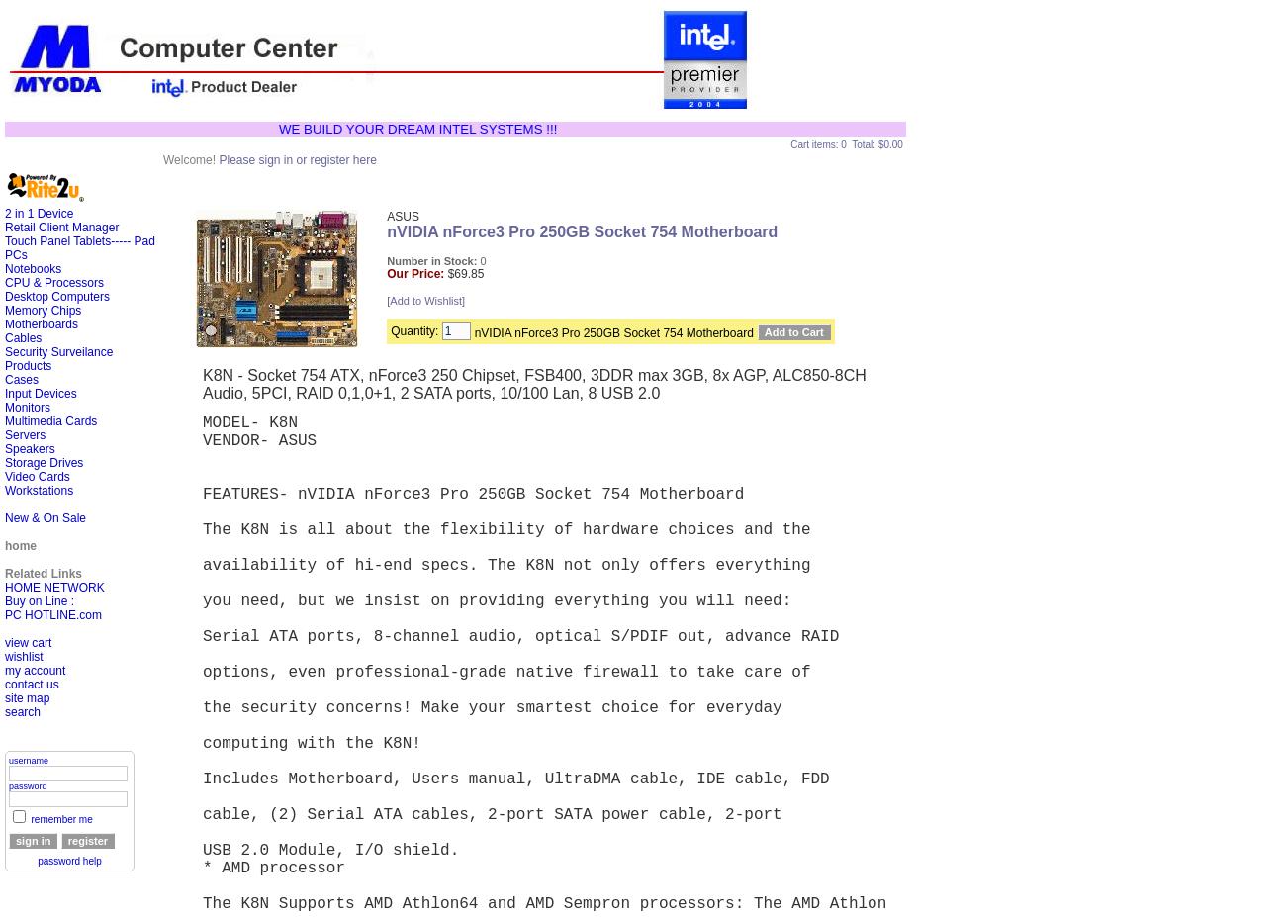  What do you see at coordinates (32, 268) in the screenshot?
I see `'Notebooks'` at bounding box center [32, 268].